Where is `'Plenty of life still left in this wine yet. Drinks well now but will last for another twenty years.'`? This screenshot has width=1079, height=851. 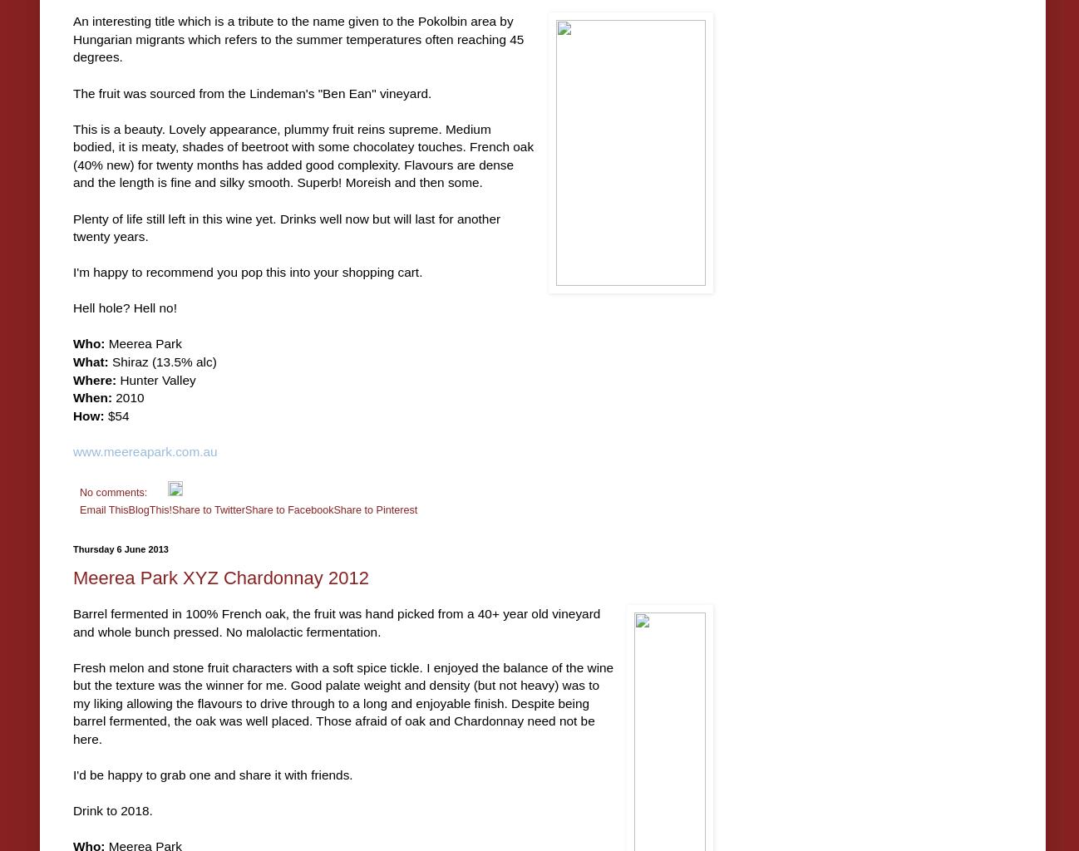 'Plenty of life still left in this wine yet. Drinks well now but will last for another twenty years.' is located at coordinates (73, 227).